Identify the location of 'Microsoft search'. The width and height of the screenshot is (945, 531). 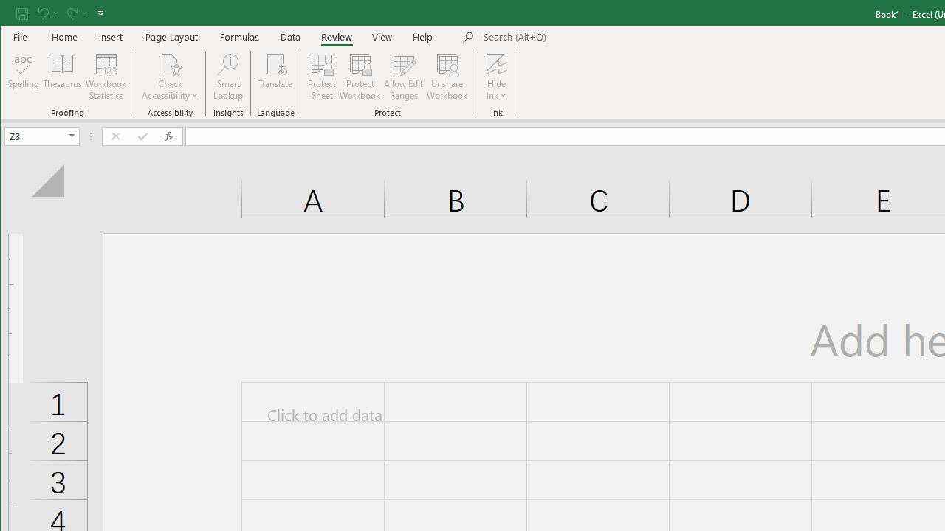
(585, 37).